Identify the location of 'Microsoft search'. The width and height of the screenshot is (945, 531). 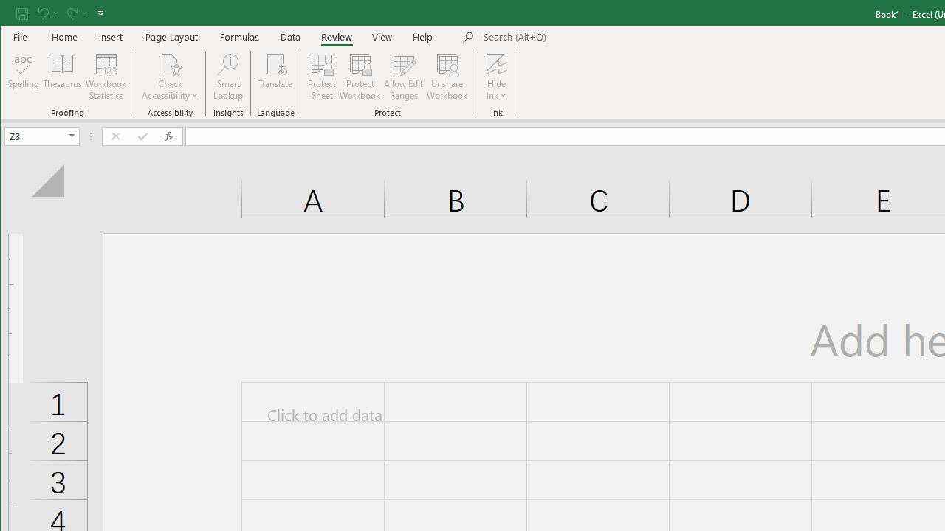
(585, 37).